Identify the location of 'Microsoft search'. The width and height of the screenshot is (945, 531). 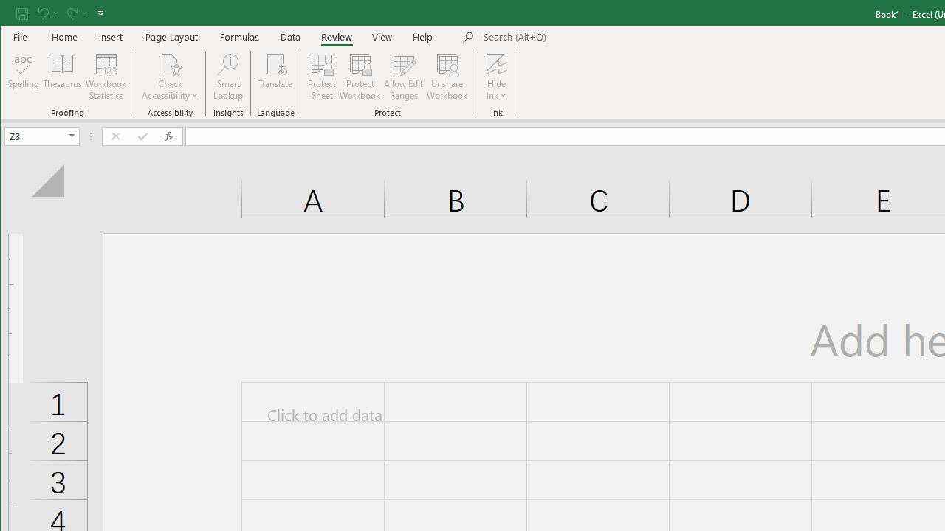
(585, 37).